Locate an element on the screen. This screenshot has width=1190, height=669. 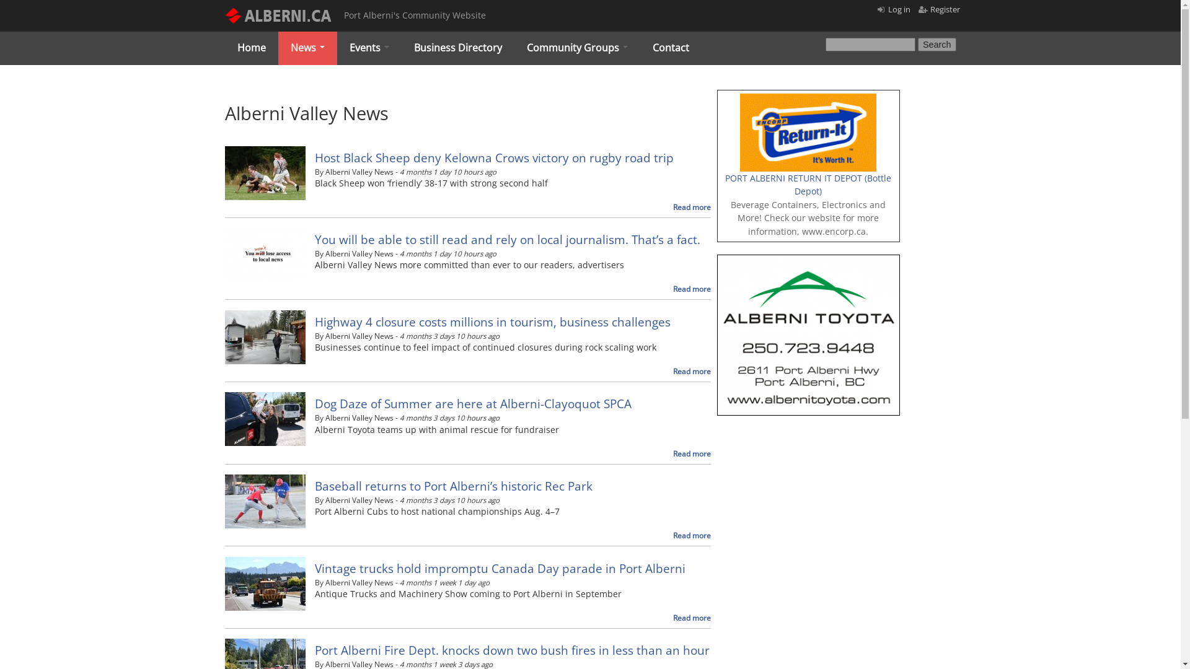
'Home' is located at coordinates (250, 47).